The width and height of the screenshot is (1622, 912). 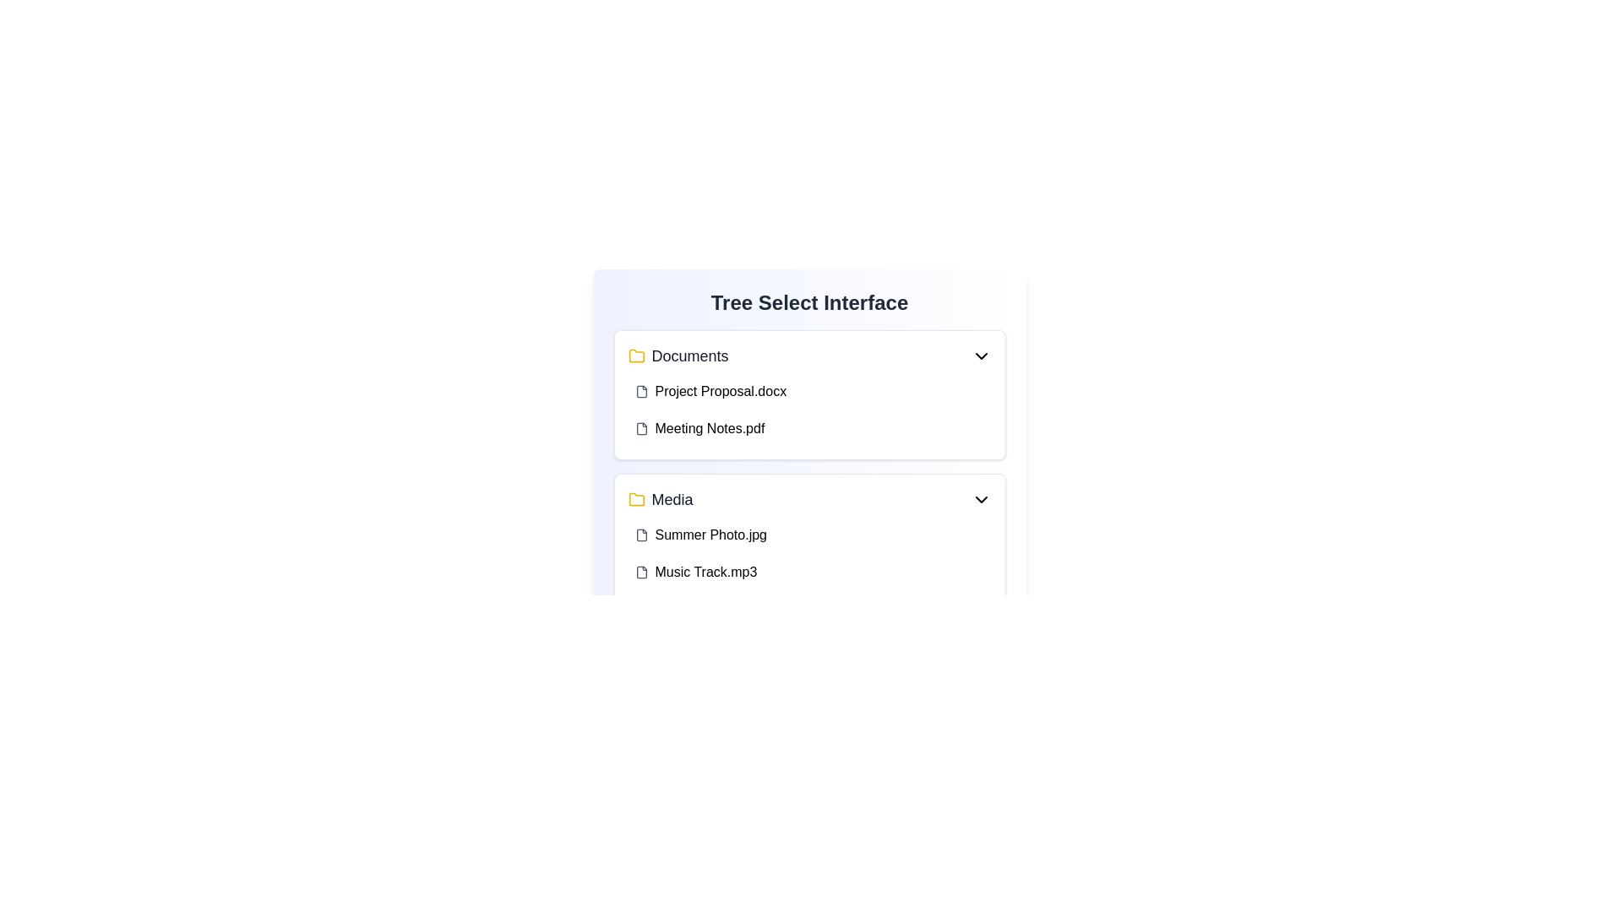 What do you see at coordinates (808, 410) in the screenshot?
I see `the second entry under the 'Documents' section` at bounding box center [808, 410].